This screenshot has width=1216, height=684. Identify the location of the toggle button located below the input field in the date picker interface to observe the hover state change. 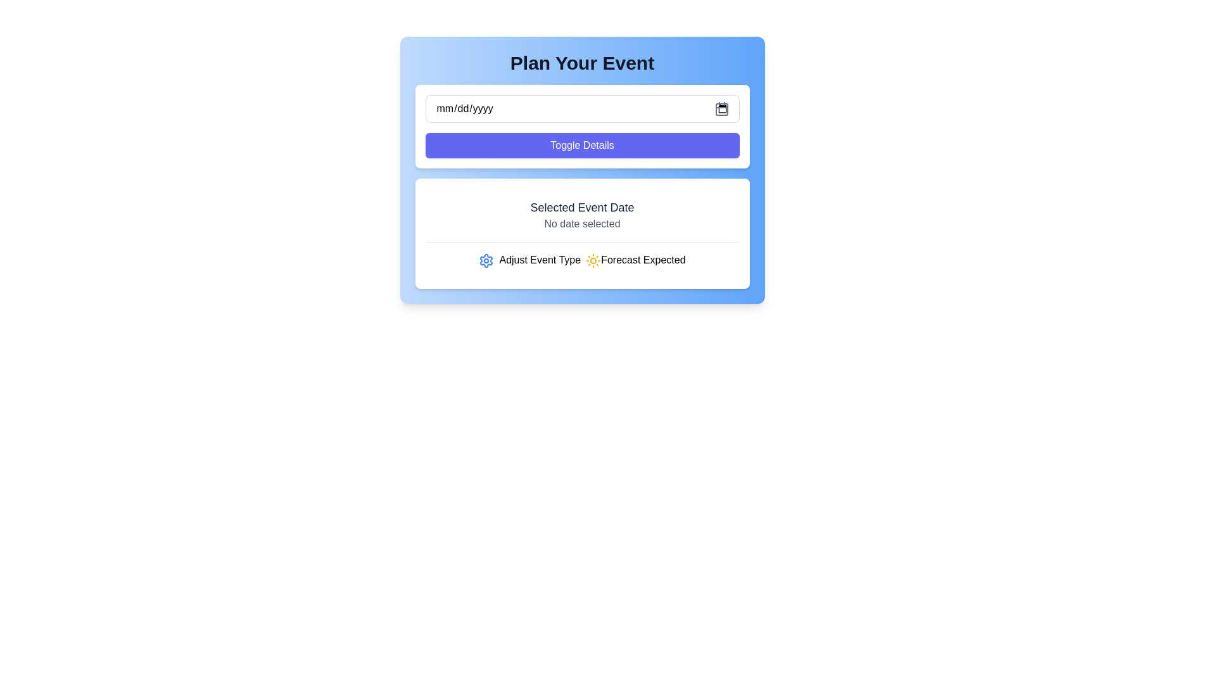
(581, 145).